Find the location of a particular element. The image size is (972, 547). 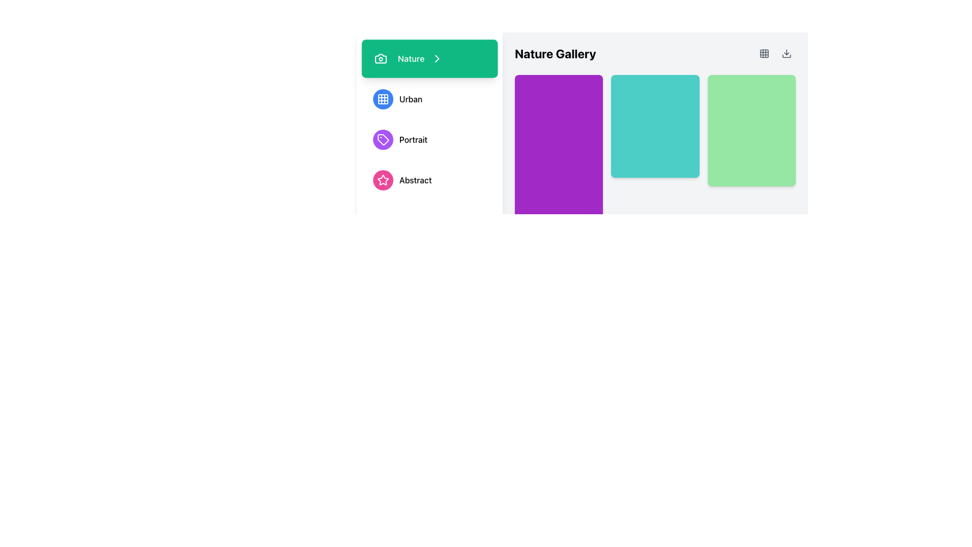

the Icon button representing the 'Abstract' category located in the vertical menu on the left side of the interface is located at coordinates (383, 179).